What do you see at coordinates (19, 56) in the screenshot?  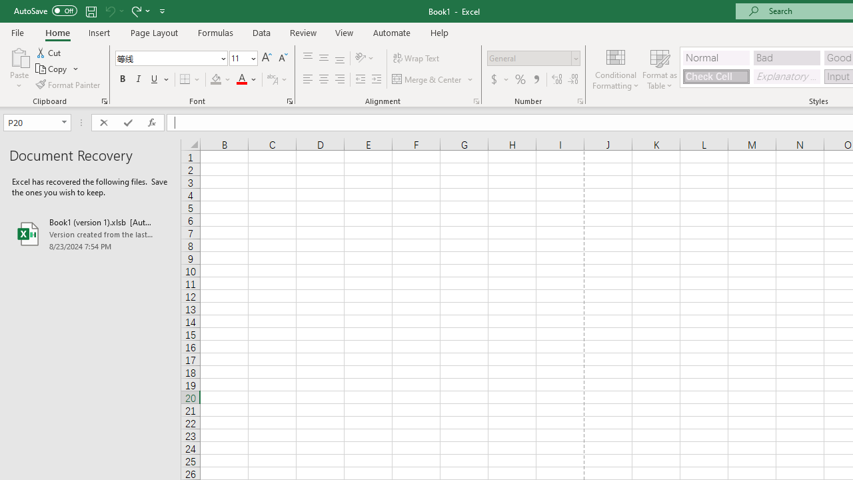 I see `'Paste'` at bounding box center [19, 56].